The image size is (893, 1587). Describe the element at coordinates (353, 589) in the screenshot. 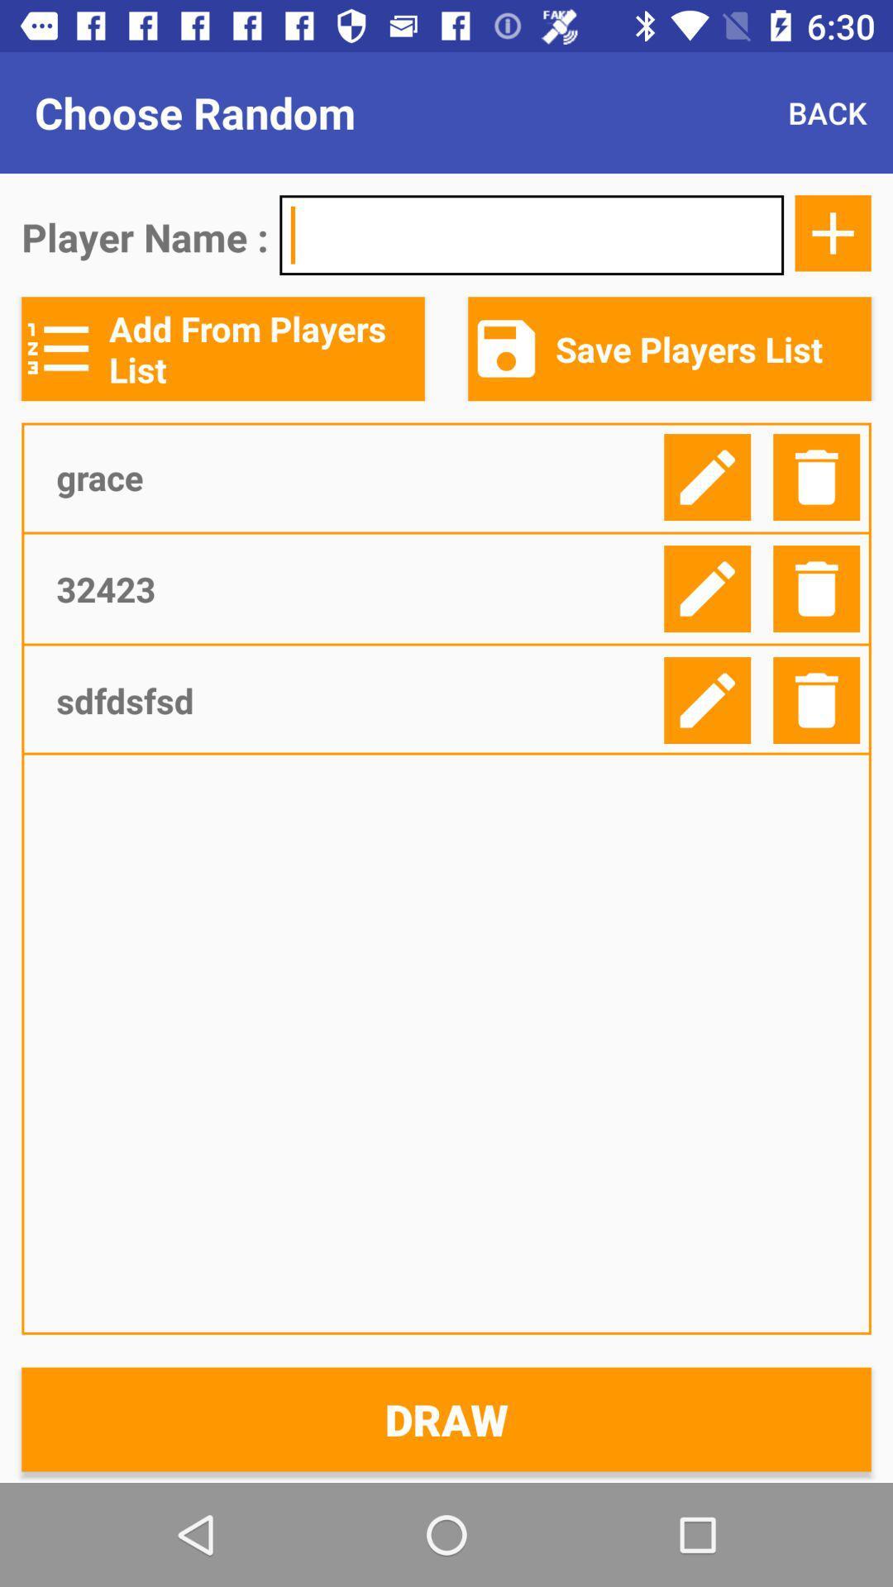

I see `32423 icon` at that location.